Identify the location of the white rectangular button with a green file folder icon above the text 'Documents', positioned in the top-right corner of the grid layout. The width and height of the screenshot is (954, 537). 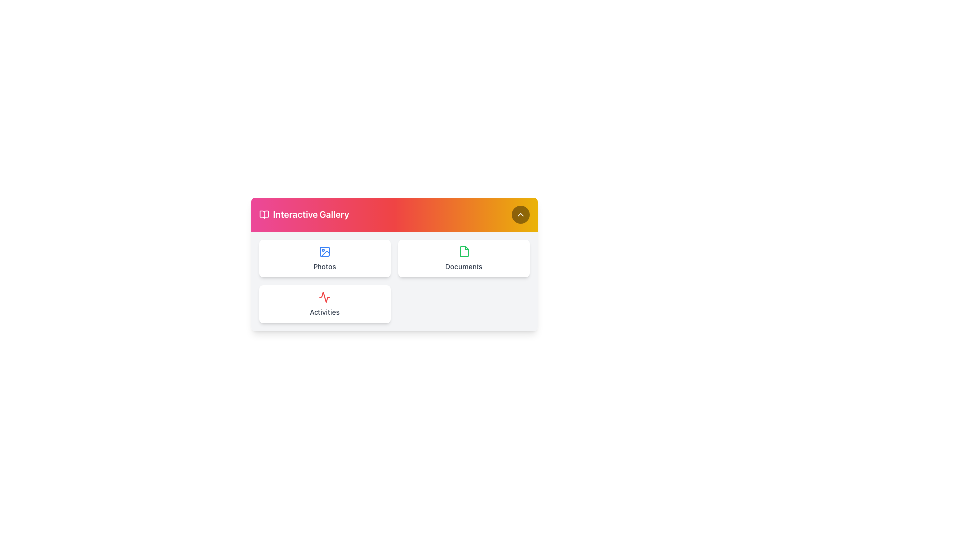
(463, 258).